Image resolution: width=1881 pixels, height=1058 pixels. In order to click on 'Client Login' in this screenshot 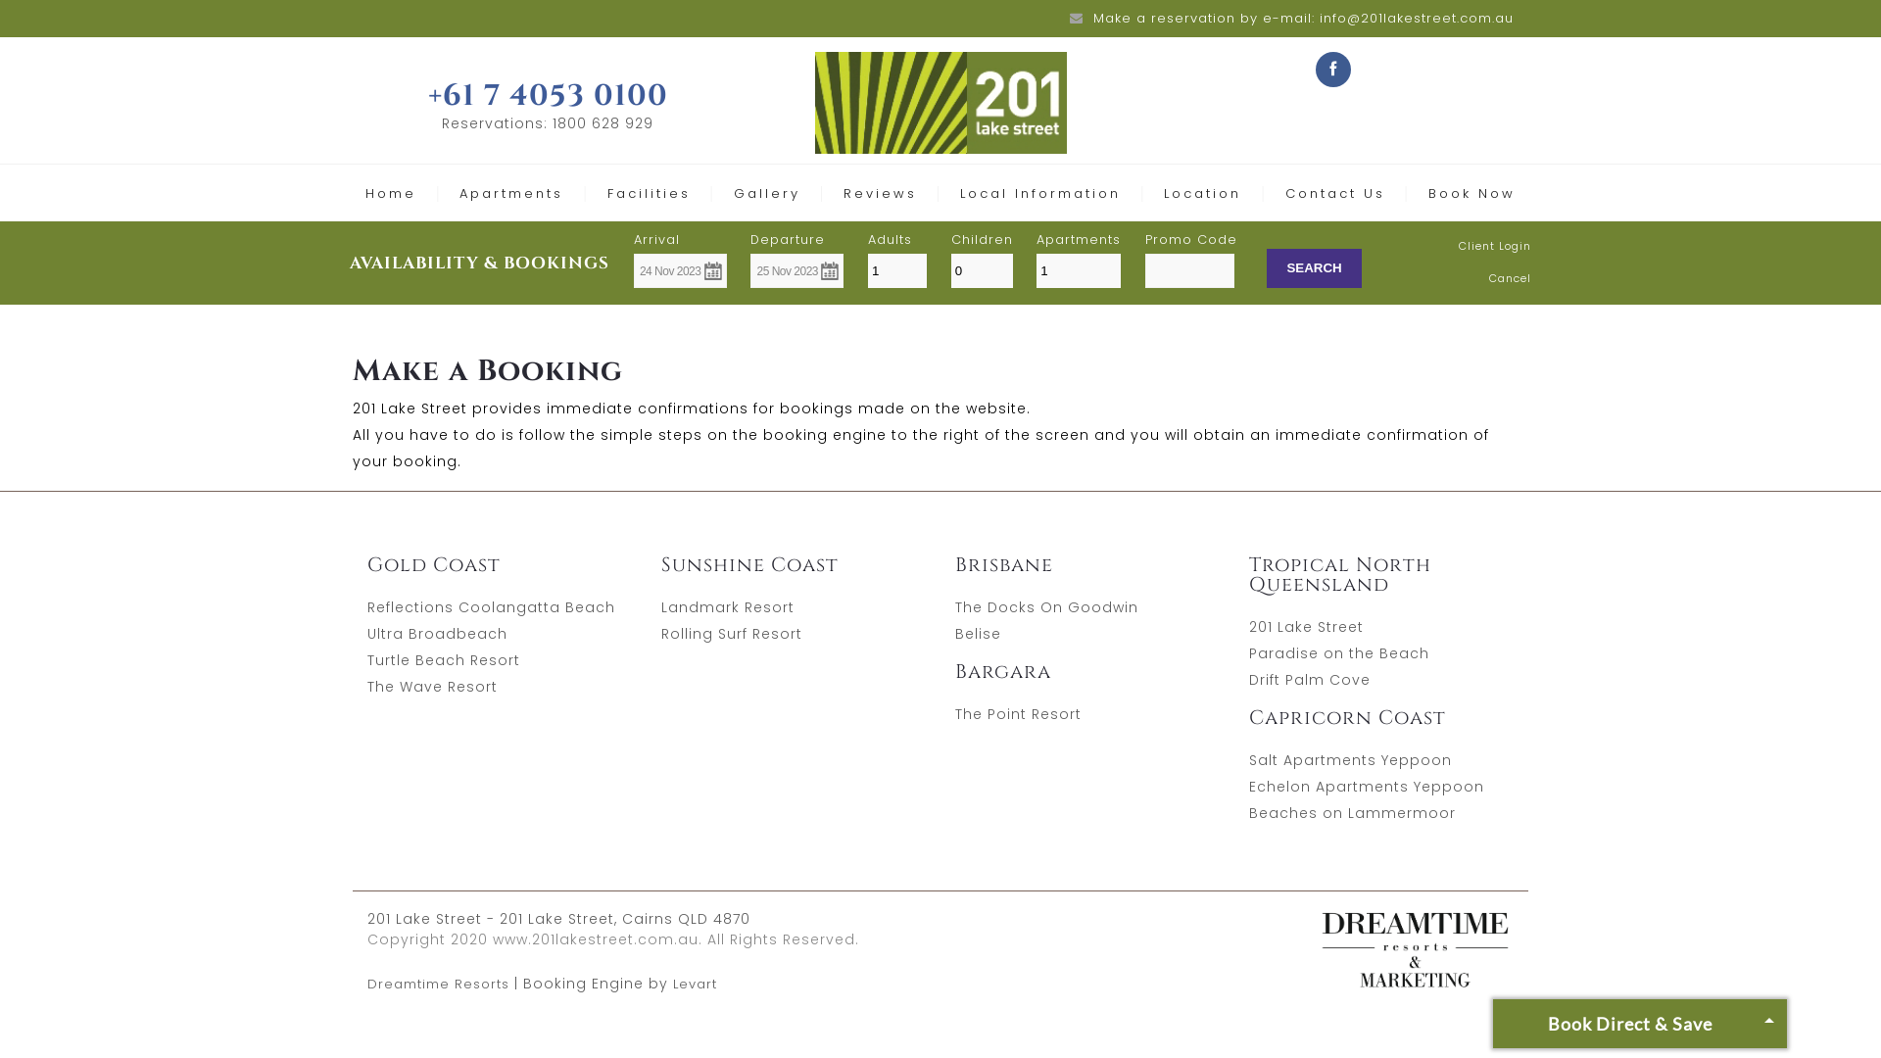, I will do `click(1494, 244)`.